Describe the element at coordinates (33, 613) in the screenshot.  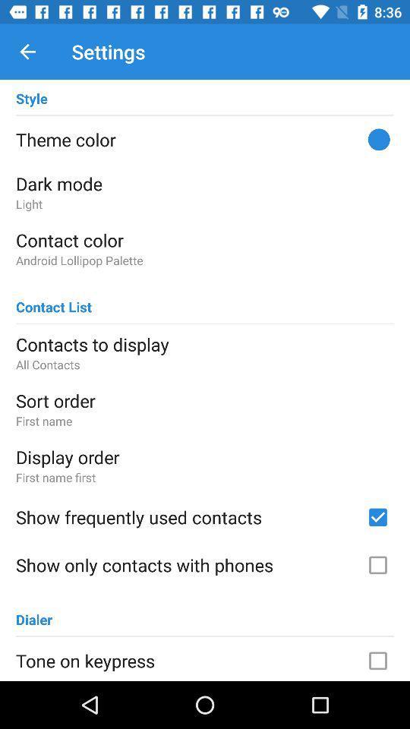
I see `the item below the show only contacts icon` at that location.